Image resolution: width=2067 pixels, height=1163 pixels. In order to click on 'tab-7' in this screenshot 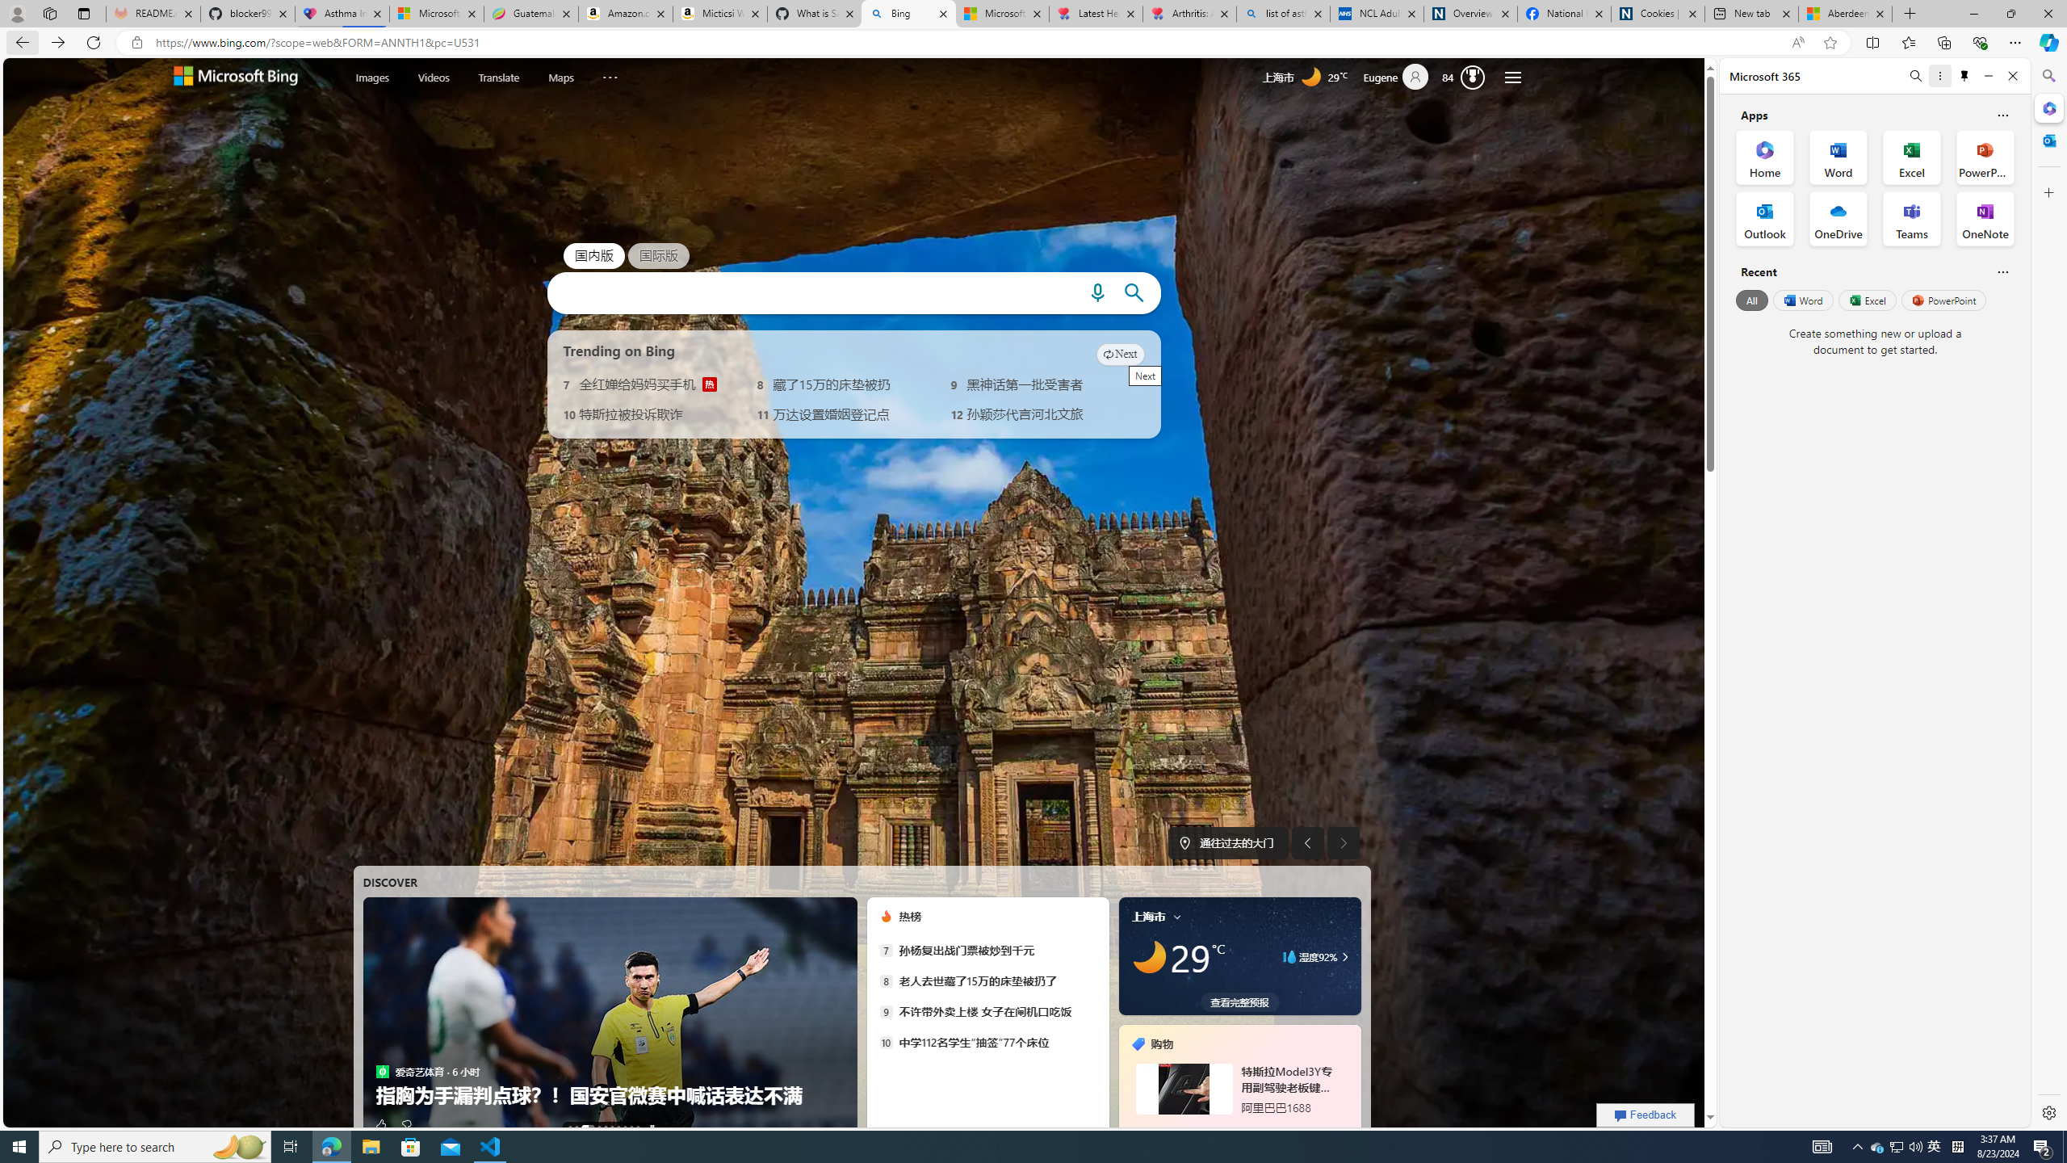, I will do `click(1220, 1128)`.